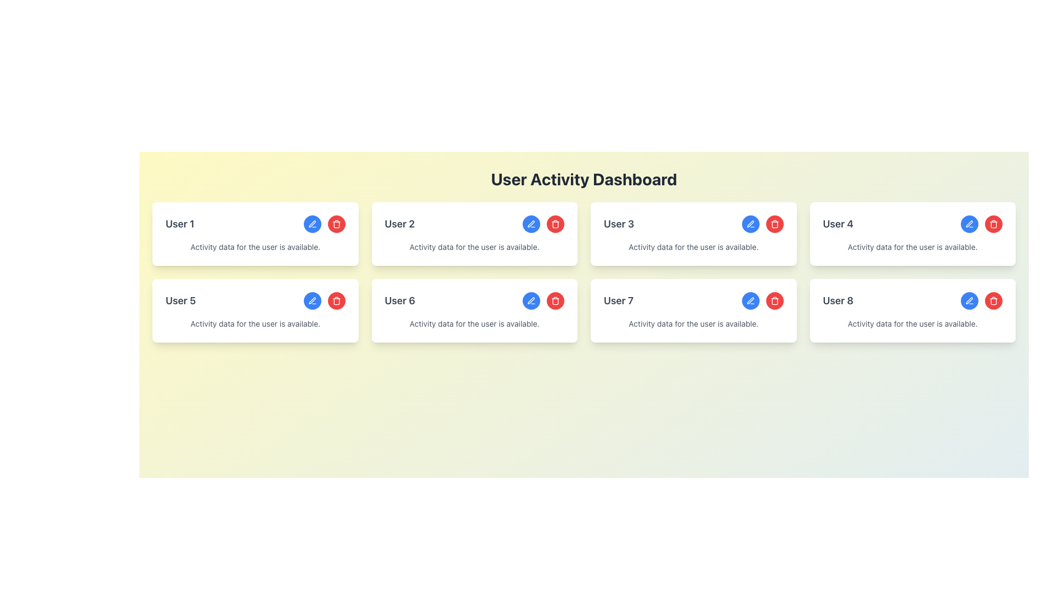  I want to click on the delete button in the button group associated with the 'User 4' card, so click(982, 223).